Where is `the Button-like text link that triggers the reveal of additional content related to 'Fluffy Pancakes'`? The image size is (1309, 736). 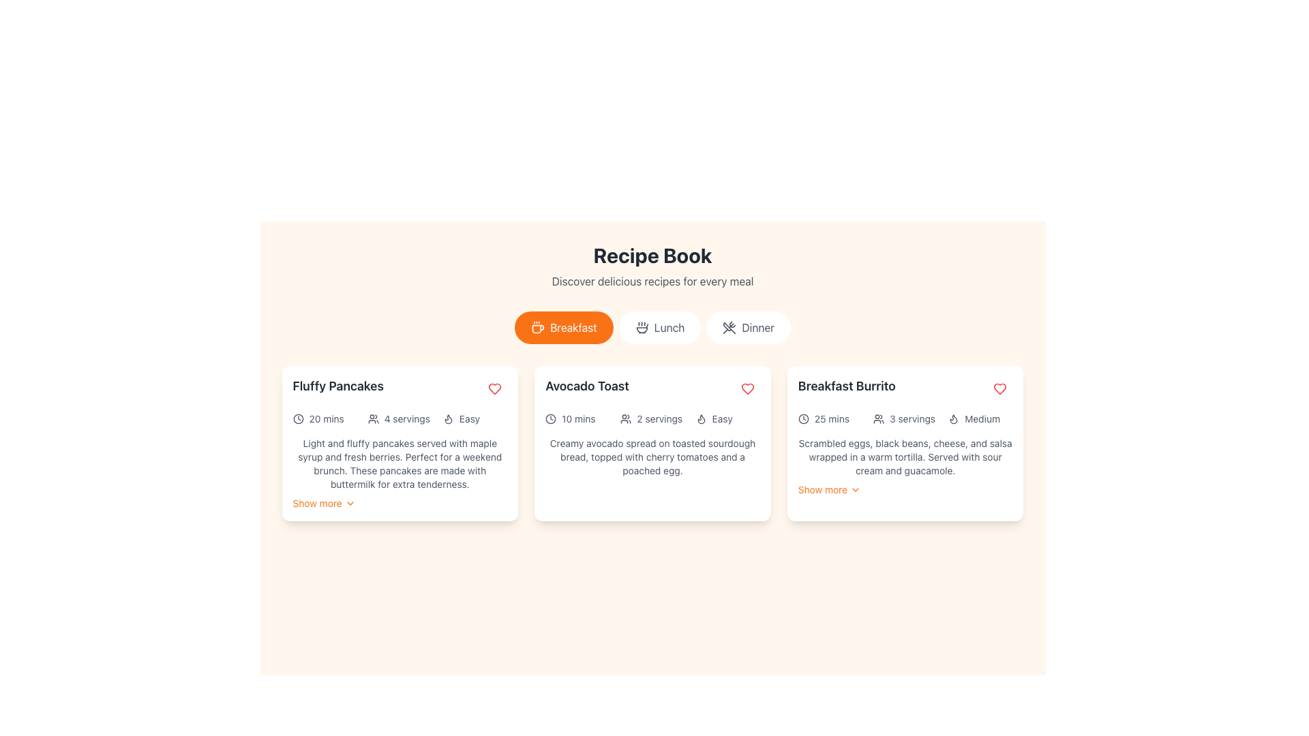 the Button-like text link that triggers the reveal of additional content related to 'Fluffy Pancakes' is located at coordinates (323, 504).